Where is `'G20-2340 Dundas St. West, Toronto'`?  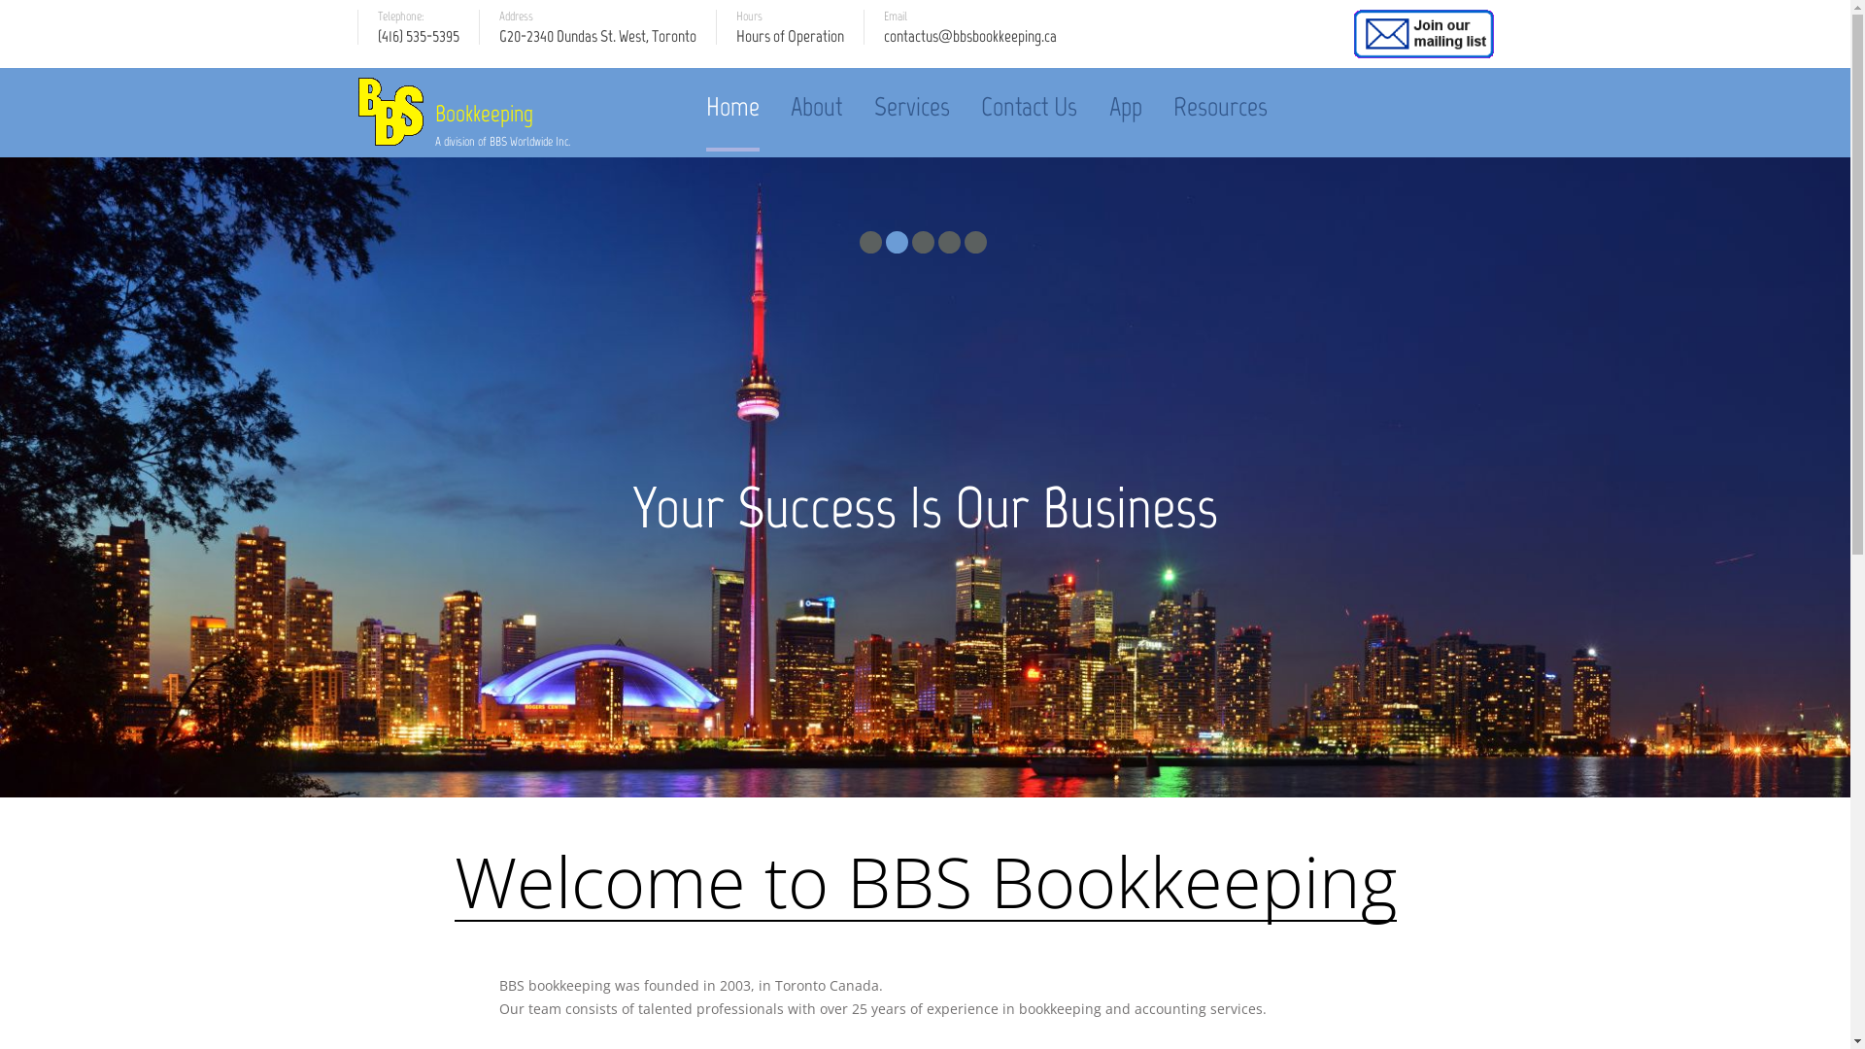
'G20-2340 Dundas St. West, Toronto' is located at coordinates (596, 44).